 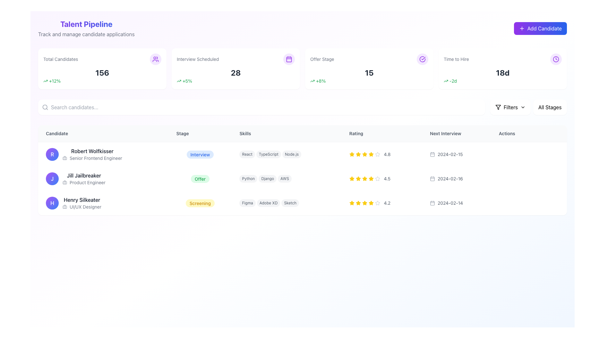 I want to click on the text label displaying 'Robert Wolfkisser' in bold dark gray color to invoke the context menu, so click(x=92, y=151).